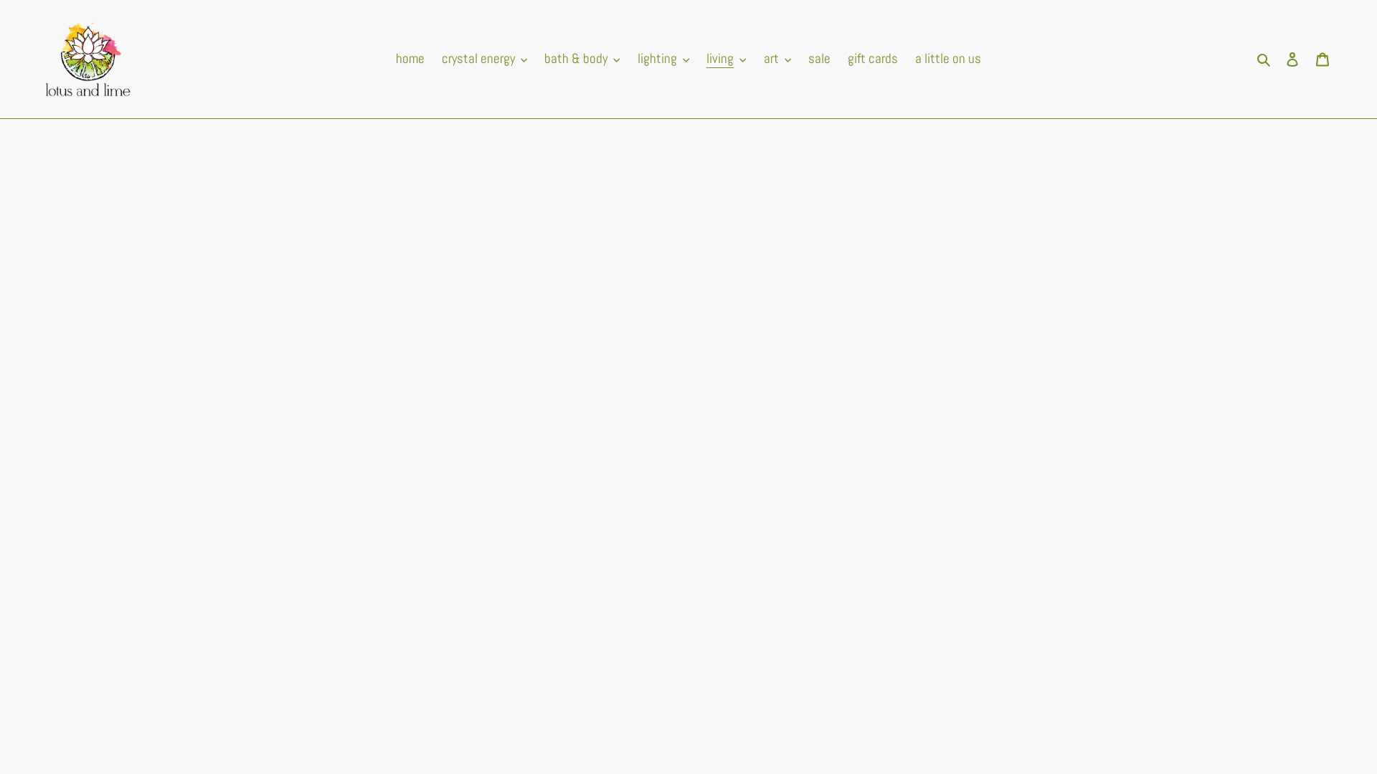 The image size is (1377, 774). I want to click on 'crystal energy', so click(433, 58).